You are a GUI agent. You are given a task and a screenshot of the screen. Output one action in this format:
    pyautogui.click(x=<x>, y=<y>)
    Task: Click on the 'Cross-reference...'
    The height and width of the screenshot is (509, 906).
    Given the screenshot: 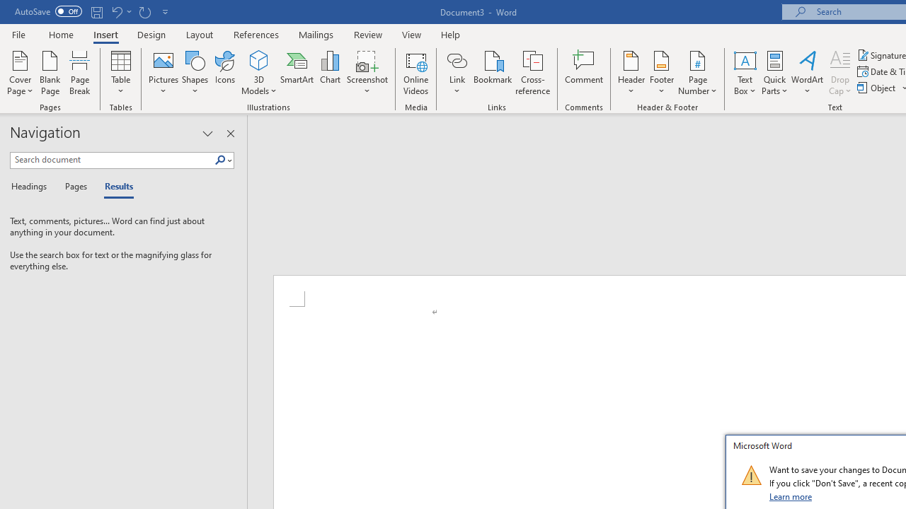 What is the action you would take?
    pyautogui.click(x=532, y=73)
    